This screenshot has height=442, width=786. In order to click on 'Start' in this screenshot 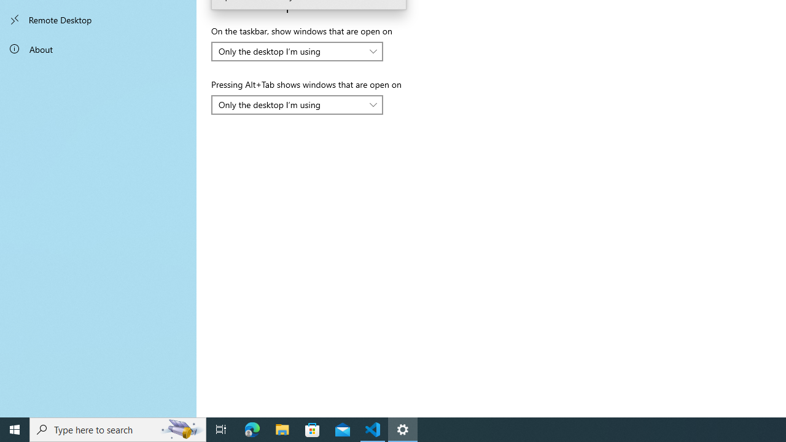, I will do `click(15, 428)`.